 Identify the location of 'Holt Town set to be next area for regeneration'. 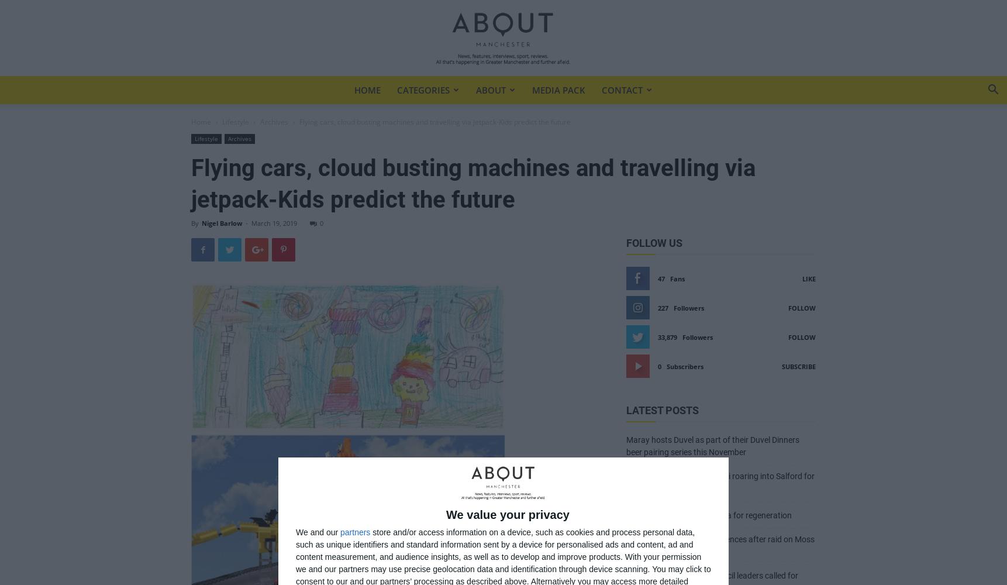
(708, 515).